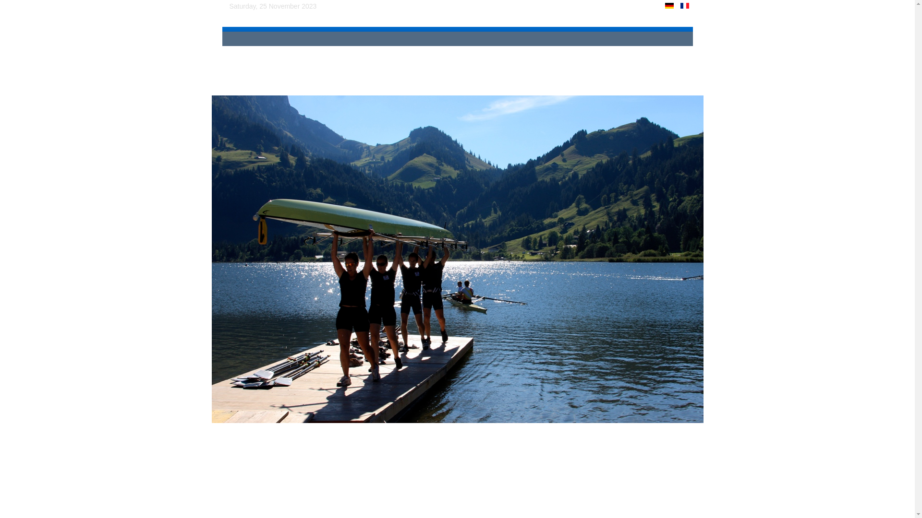  I want to click on 'Deutsch', so click(668, 5).